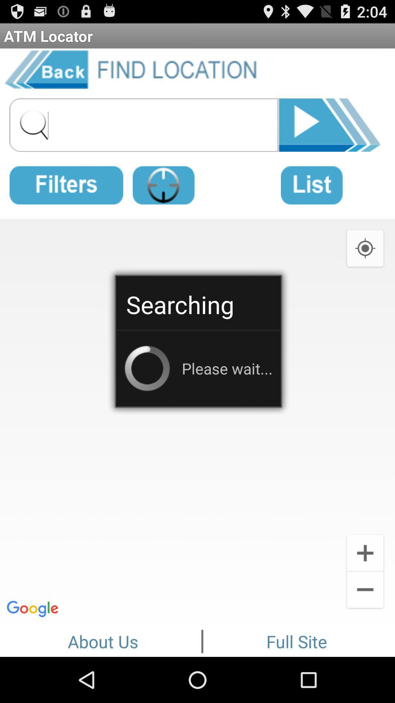 This screenshot has width=395, height=703. What do you see at coordinates (66, 197) in the screenshot?
I see `the date_range icon` at bounding box center [66, 197].